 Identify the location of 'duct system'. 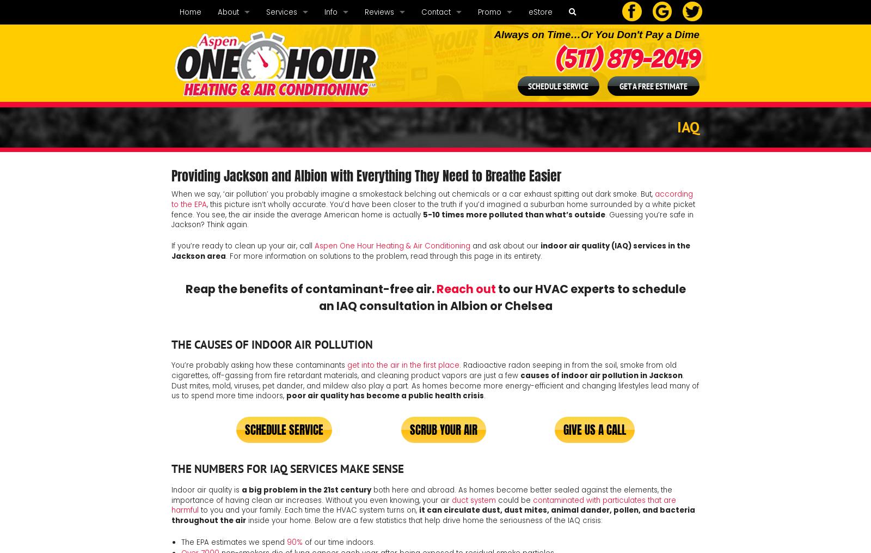
(473, 499).